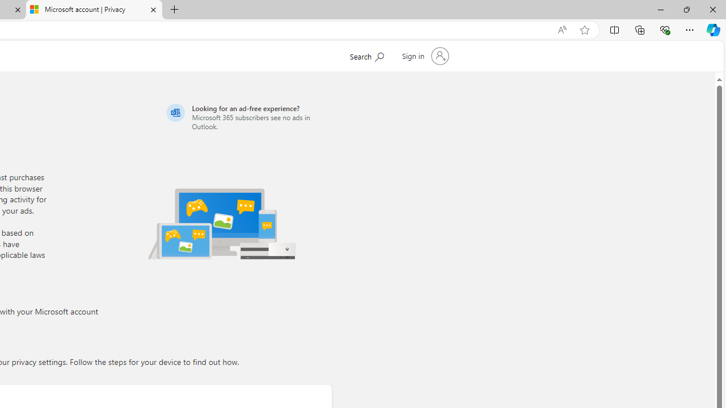 This screenshot has height=408, width=726. Describe the element at coordinates (424, 56) in the screenshot. I see `'Sign in to your account'` at that location.